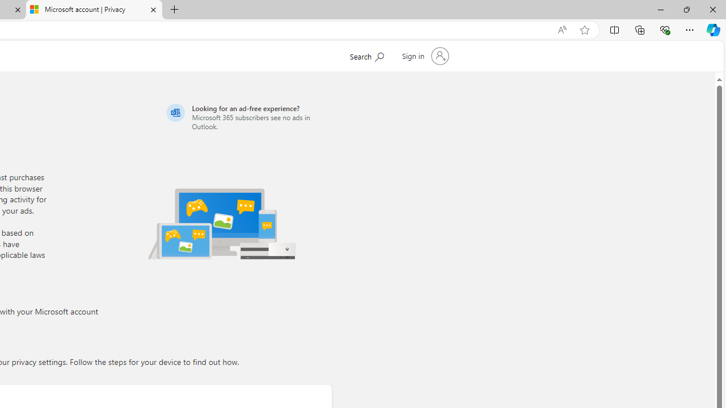 This screenshot has height=408, width=726. Describe the element at coordinates (424, 56) in the screenshot. I see `'Sign in to your account'` at that location.